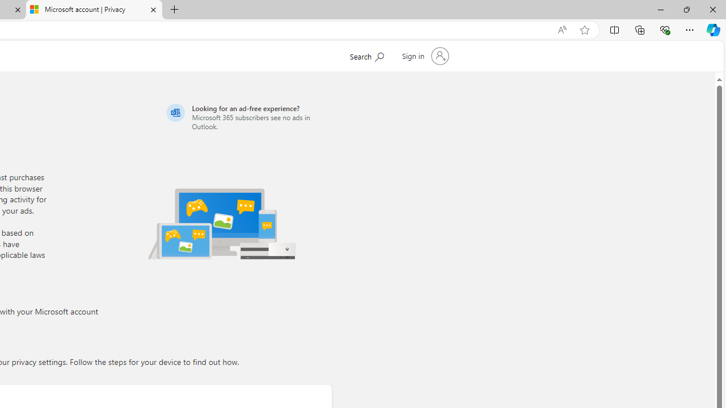 This screenshot has height=408, width=726. Describe the element at coordinates (424, 56) in the screenshot. I see `'Sign in to your account'` at that location.